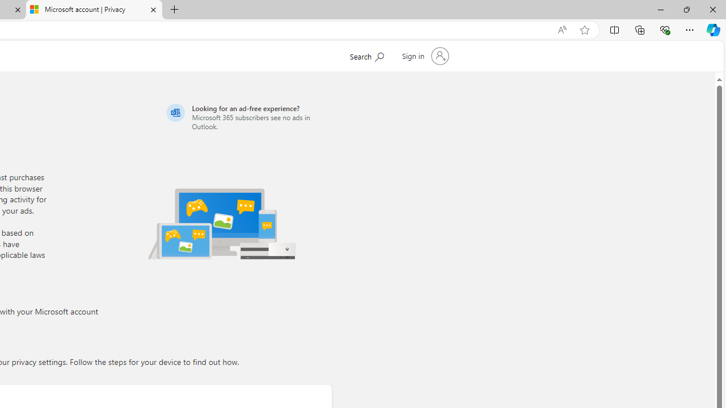 This screenshot has height=408, width=726. Describe the element at coordinates (424, 56) in the screenshot. I see `'Sign in to your account'` at that location.